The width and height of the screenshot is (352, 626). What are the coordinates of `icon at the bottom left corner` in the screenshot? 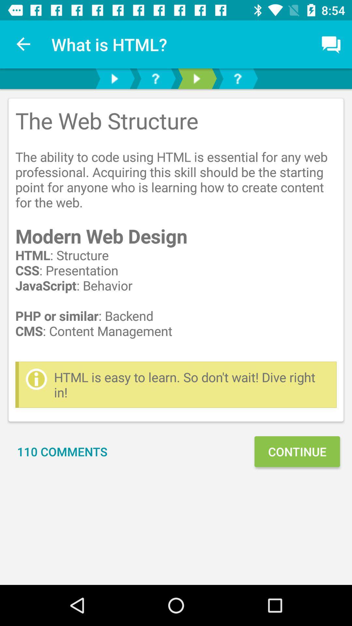 It's located at (62, 451).